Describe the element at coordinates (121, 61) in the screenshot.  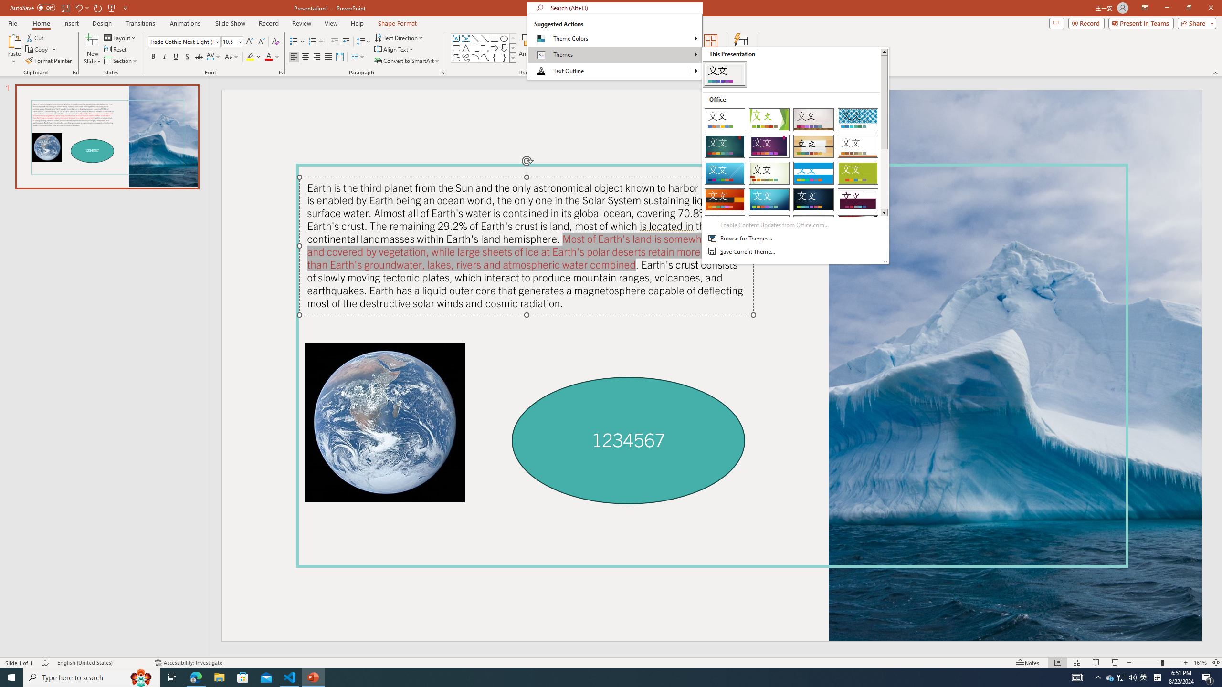
I see `'Section'` at that location.